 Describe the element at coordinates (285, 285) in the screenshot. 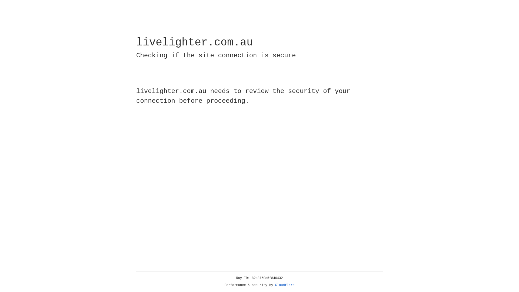

I see `'Cloudflare'` at that location.